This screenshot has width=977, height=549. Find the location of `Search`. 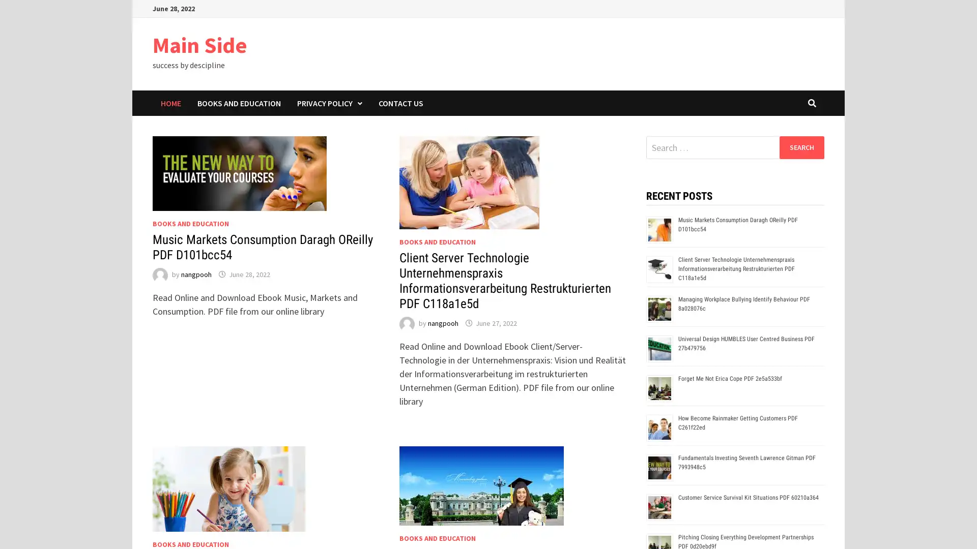

Search is located at coordinates (801, 147).